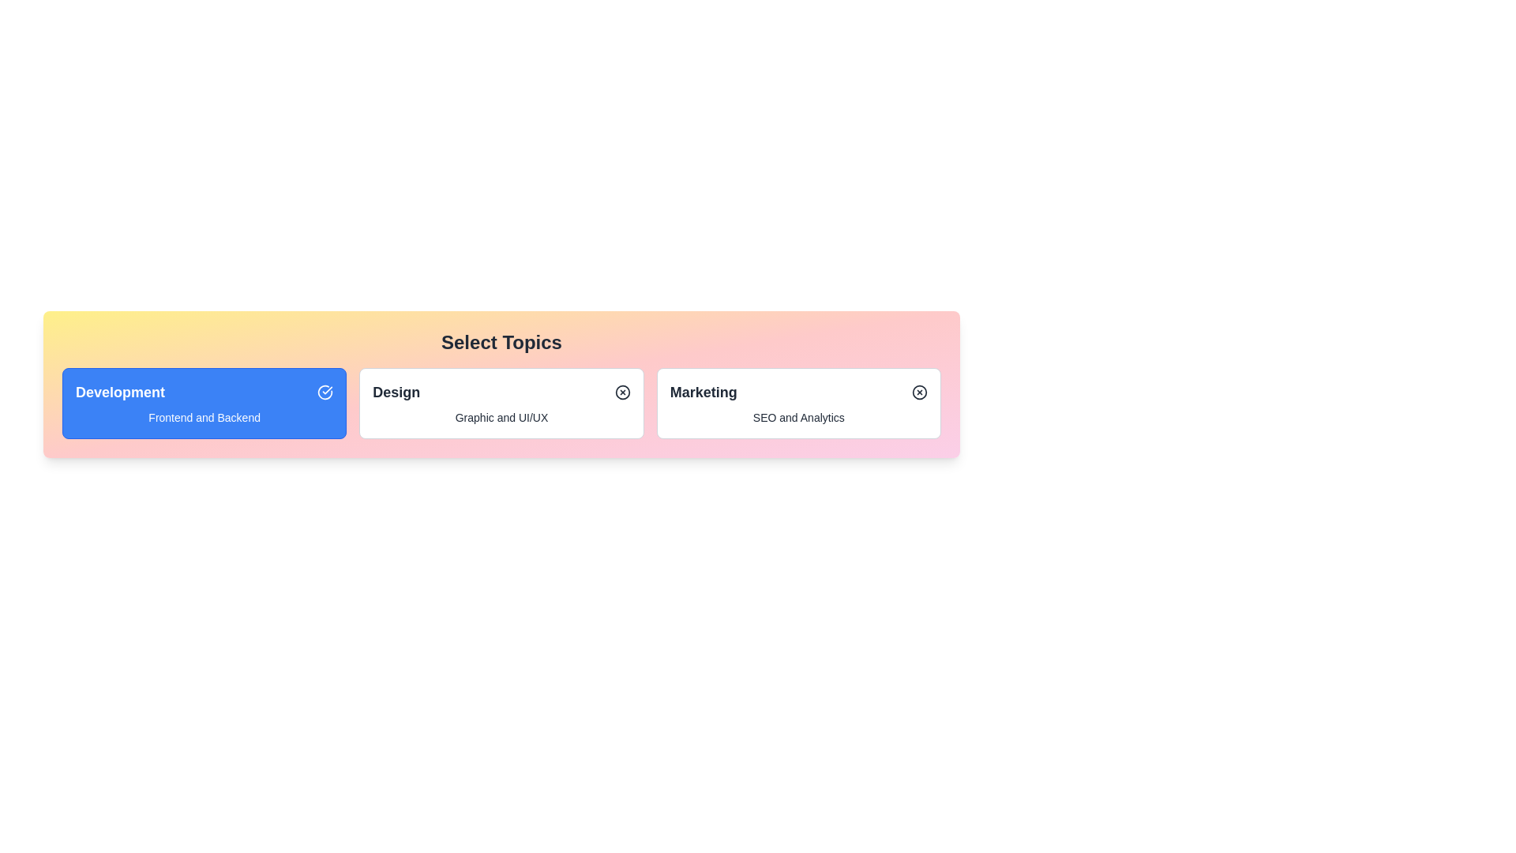 The height and width of the screenshot is (853, 1516). I want to click on the chip labeled Design, so click(501, 402).